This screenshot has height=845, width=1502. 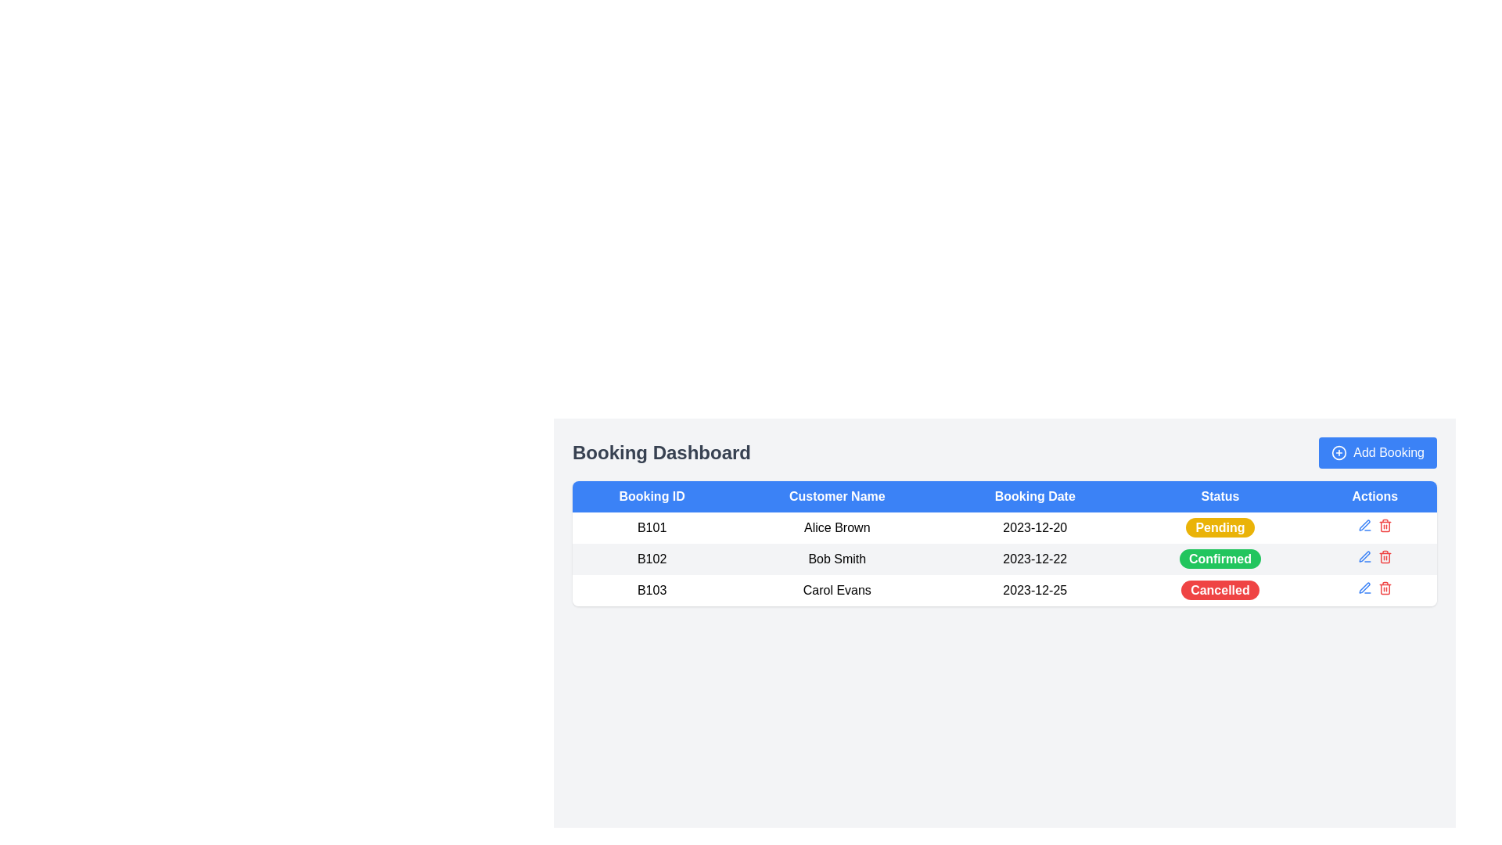 What do you see at coordinates (1374, 556) in the screenshot?
I see `the delete icon in the Action button group for the booking identified as 'B102' with customer name 'Bob Smith', located in the 'Actions' column of the table` at bounding box center [1374, 556].